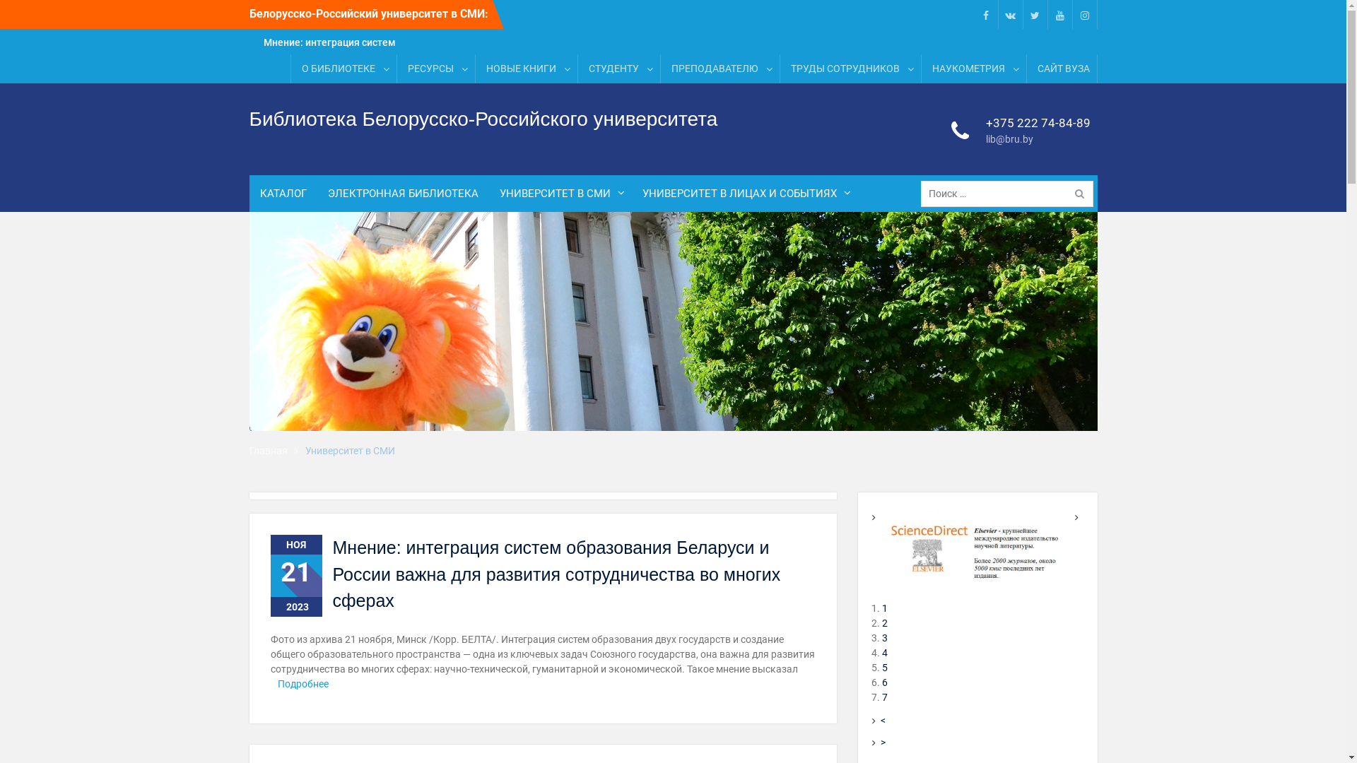 The image size is (1357, 763). I want to click on 'youtube', so click(1052, 14).